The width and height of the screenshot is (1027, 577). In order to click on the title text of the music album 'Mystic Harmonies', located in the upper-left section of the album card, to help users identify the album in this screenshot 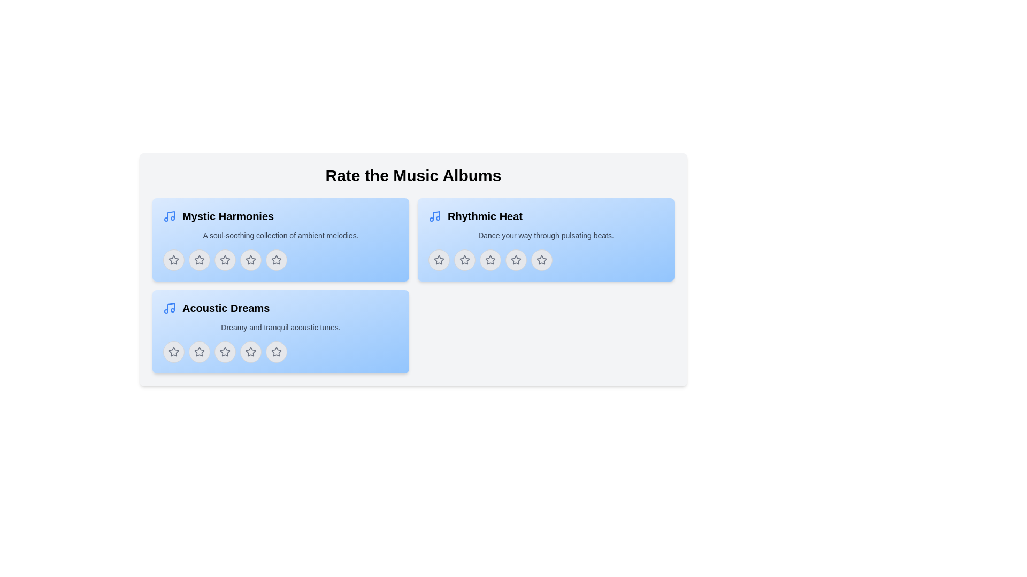, I will do `click(227, 216)`.